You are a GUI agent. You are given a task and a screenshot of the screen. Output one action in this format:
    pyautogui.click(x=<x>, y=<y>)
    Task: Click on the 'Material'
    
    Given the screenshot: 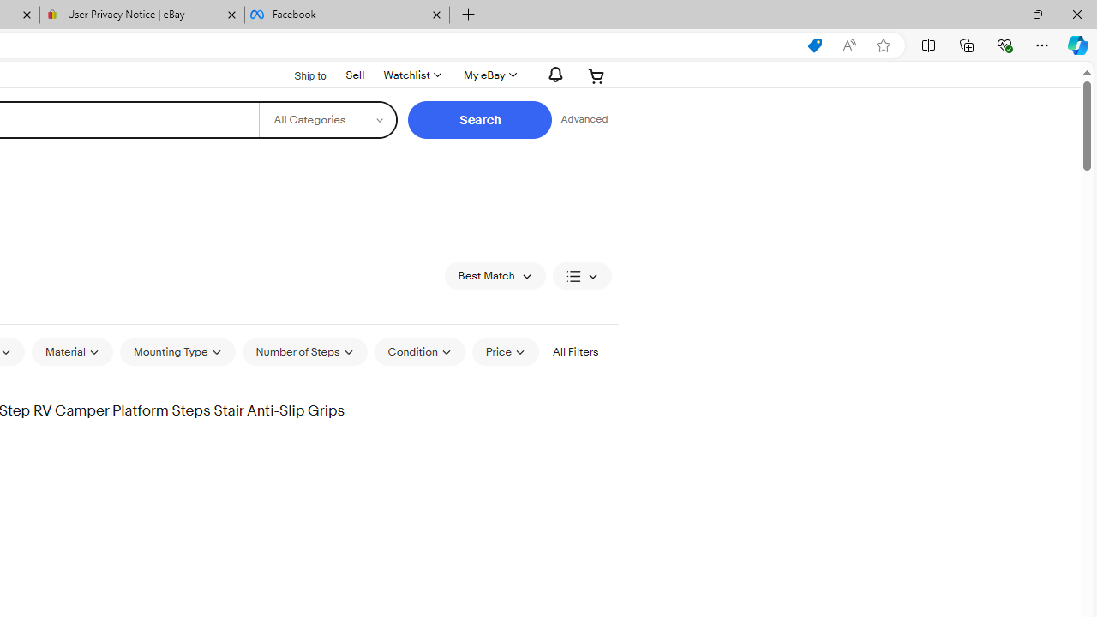 What is the action you would take?
    pyautogui.click(x=71, y=351)
    